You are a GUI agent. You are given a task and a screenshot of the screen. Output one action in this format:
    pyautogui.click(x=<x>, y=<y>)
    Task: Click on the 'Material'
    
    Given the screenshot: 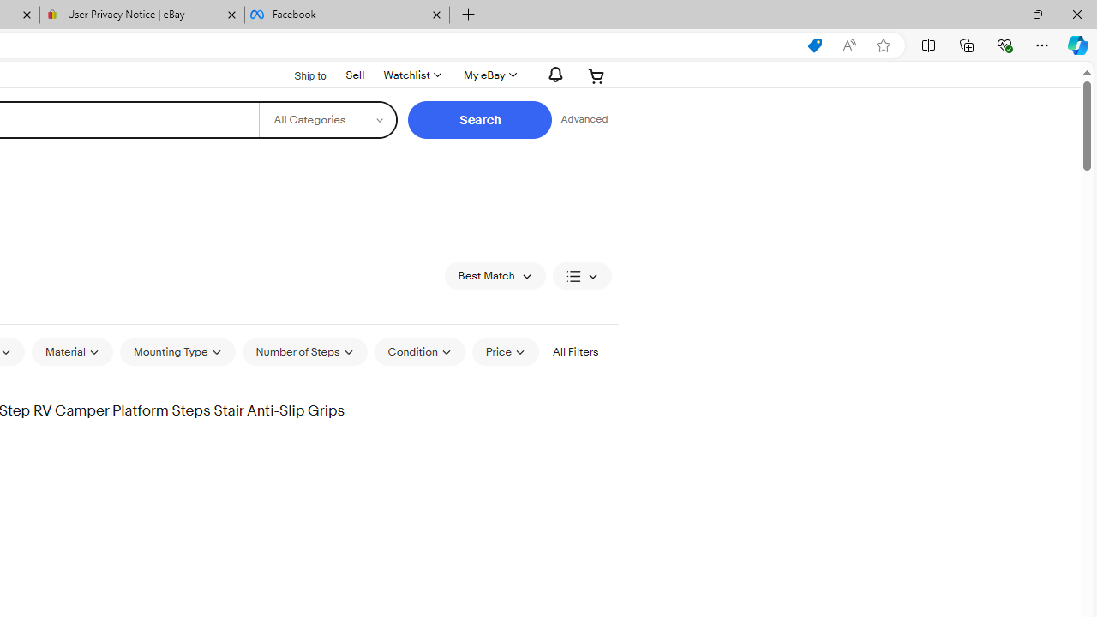 What is the action you would take?
    pyautogui.click(x=71, y=351)
    